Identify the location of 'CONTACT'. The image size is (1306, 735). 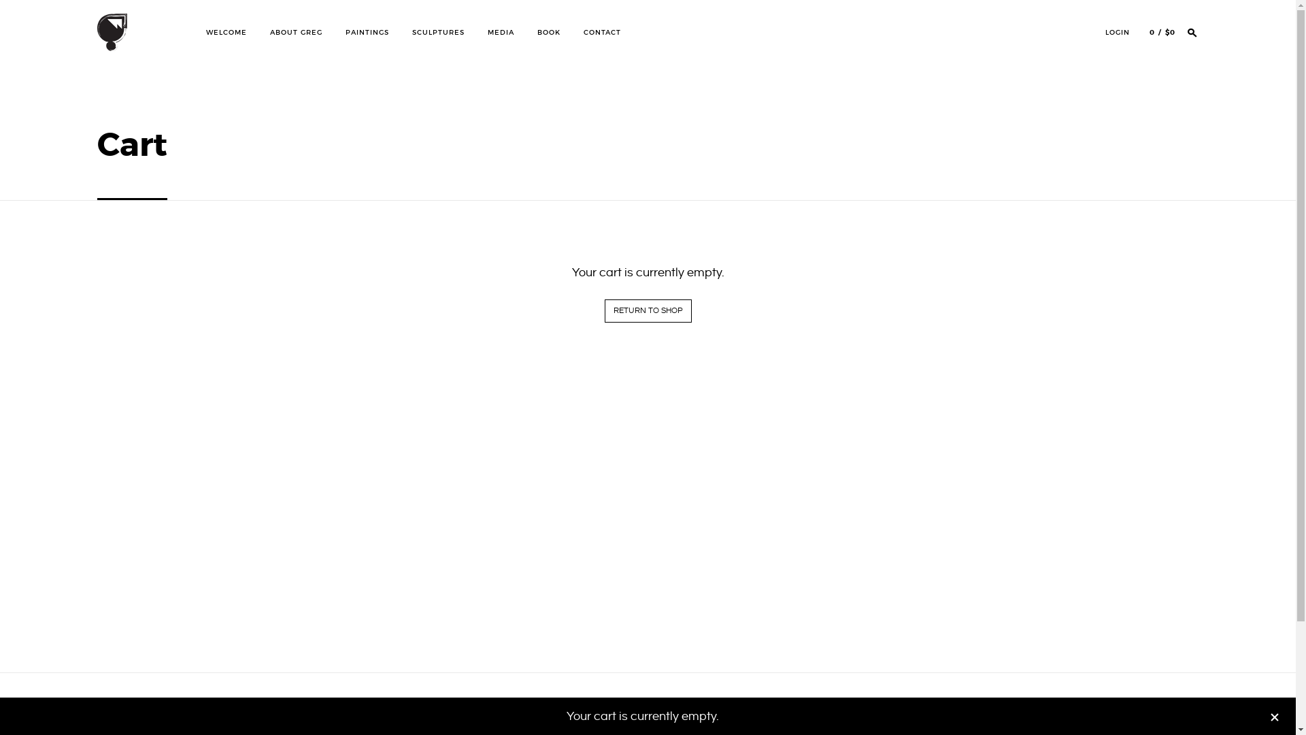
(601, 31).